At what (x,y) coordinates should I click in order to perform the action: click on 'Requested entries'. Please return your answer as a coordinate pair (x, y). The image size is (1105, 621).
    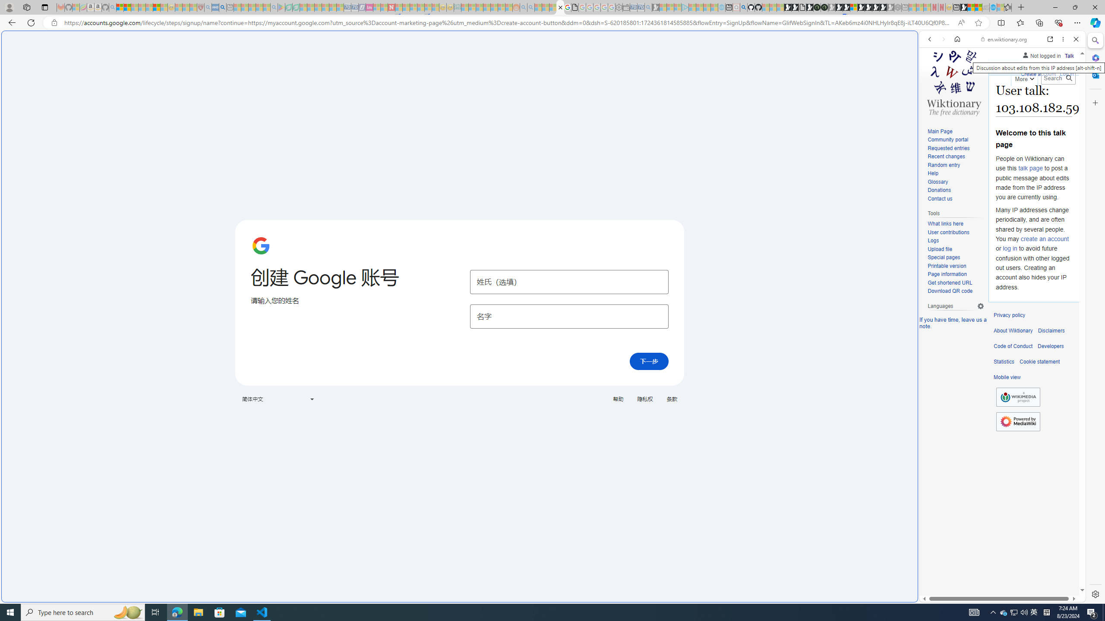
    Looking at the image, I should click on (948, 147).